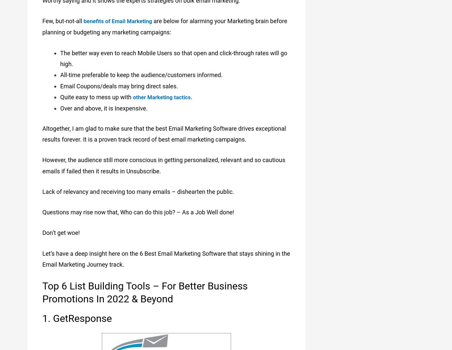  What do you see at coordinates (144, 291) in the screenshot?
I see `'Top 6 List Building Tools – For Better Business Promotions In 2022 & Beyond'` at bounding box center [144, 291].